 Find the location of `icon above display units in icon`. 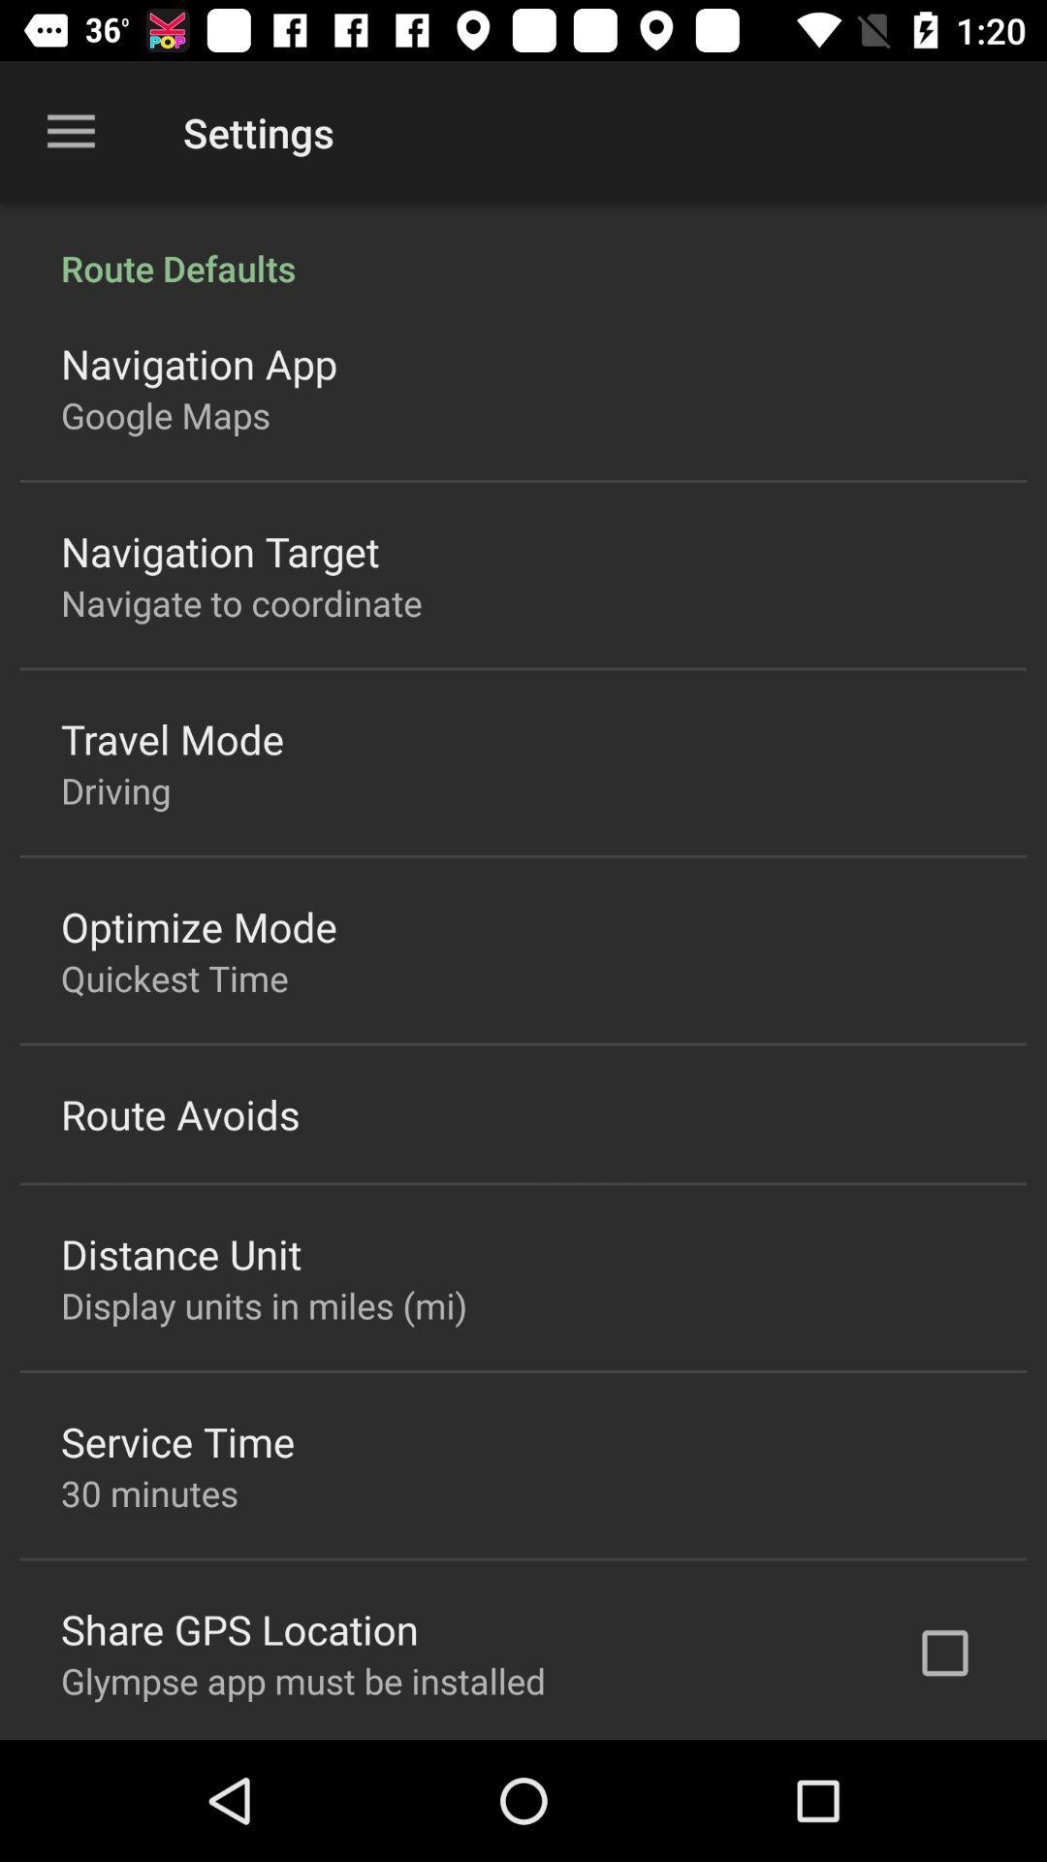

icon above display units in icon is located at coordinates (181, 1253).